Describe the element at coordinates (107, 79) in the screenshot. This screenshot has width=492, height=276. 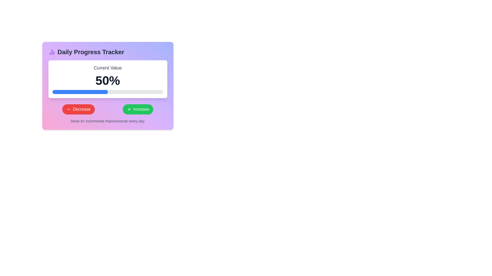
I see `the Progress Indicator Widget that displays the current value as a percentage and is located below the 'Daily Progress Tracker' header` at that location.